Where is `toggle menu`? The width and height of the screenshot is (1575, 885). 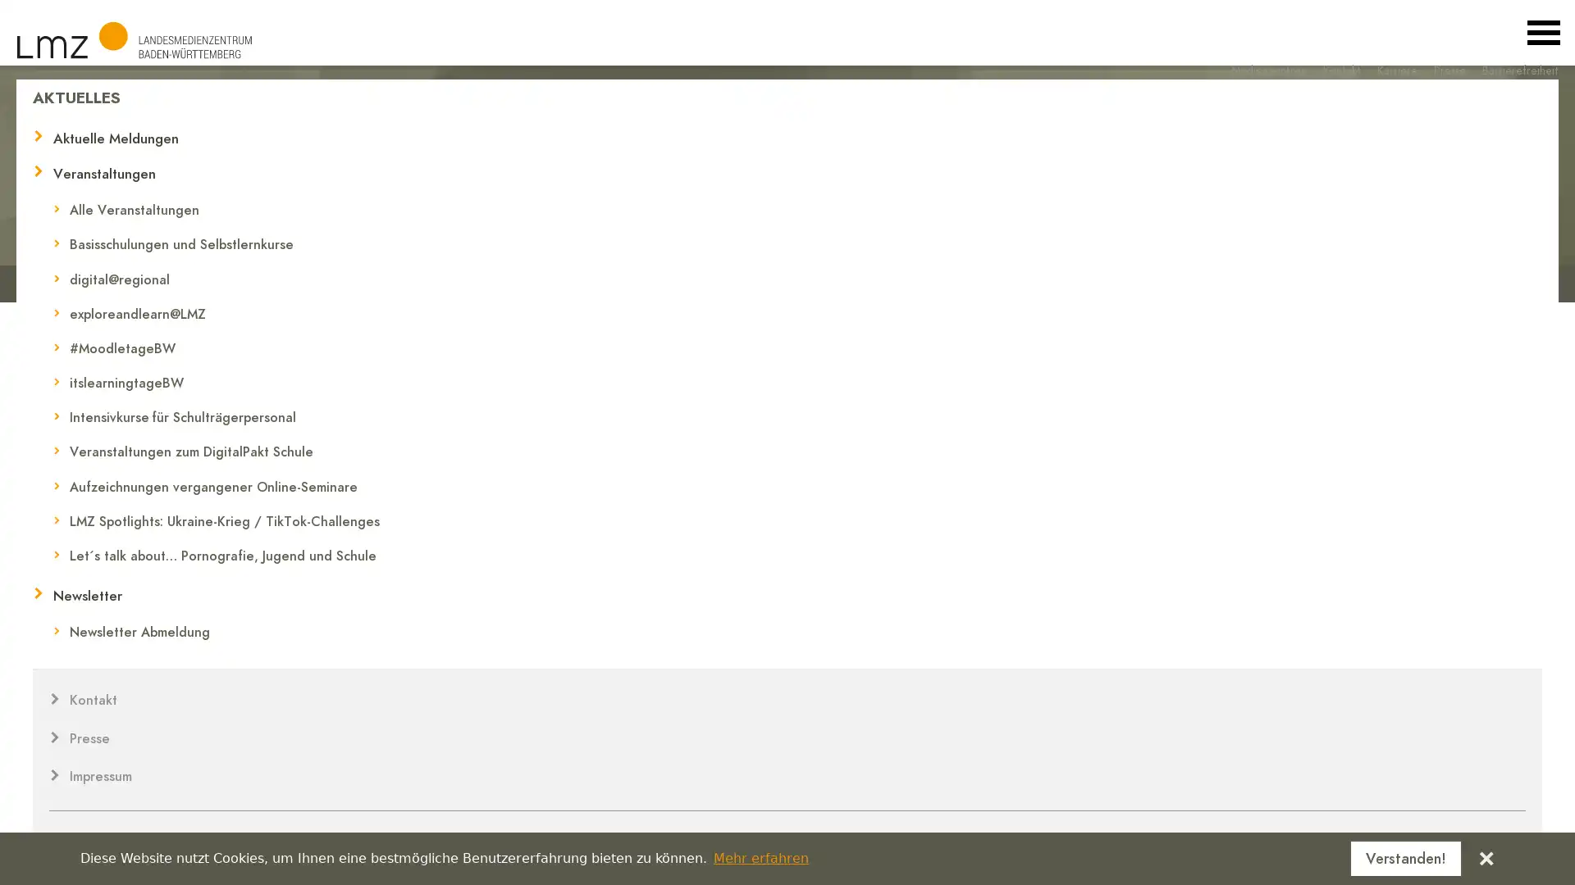 toggle menu is located at coordinates (1542, 32).